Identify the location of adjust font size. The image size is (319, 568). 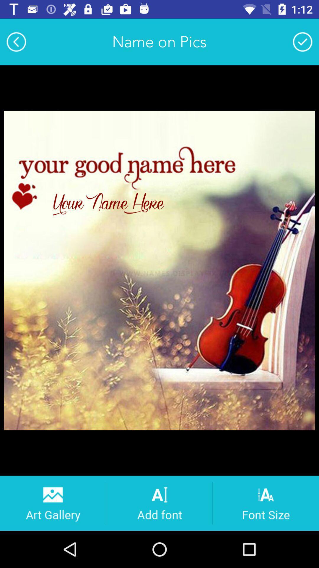
(266, 503).